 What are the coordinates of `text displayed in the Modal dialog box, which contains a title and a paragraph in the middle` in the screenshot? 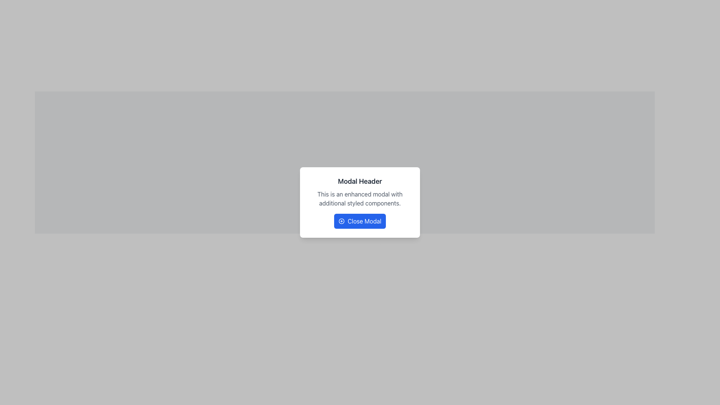 It's located at (360, 202).